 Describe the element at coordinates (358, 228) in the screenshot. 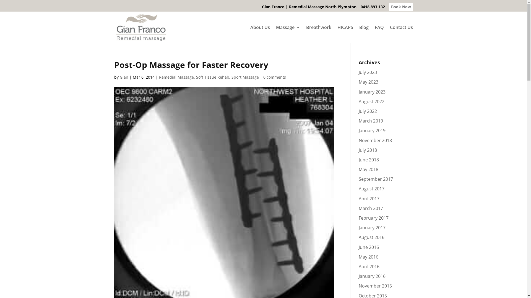

I see `'January 2017'` at that location.